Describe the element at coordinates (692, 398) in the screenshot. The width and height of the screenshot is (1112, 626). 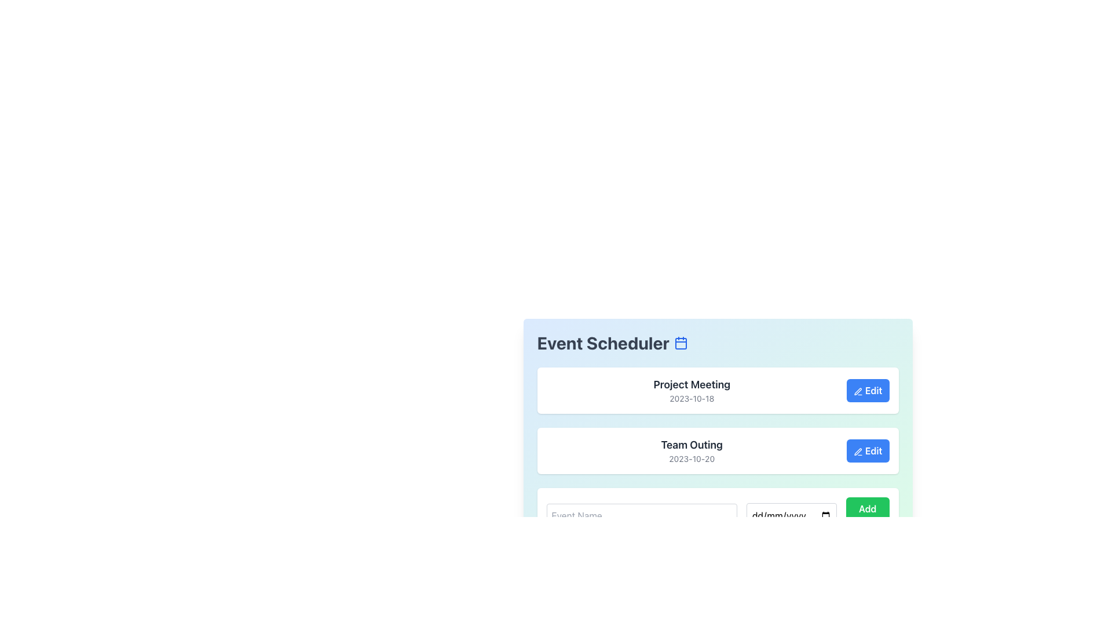
I see `the text label indicating the scheduled date for the 'Project Meeting', located directly below the title in the event entry list` at that location.